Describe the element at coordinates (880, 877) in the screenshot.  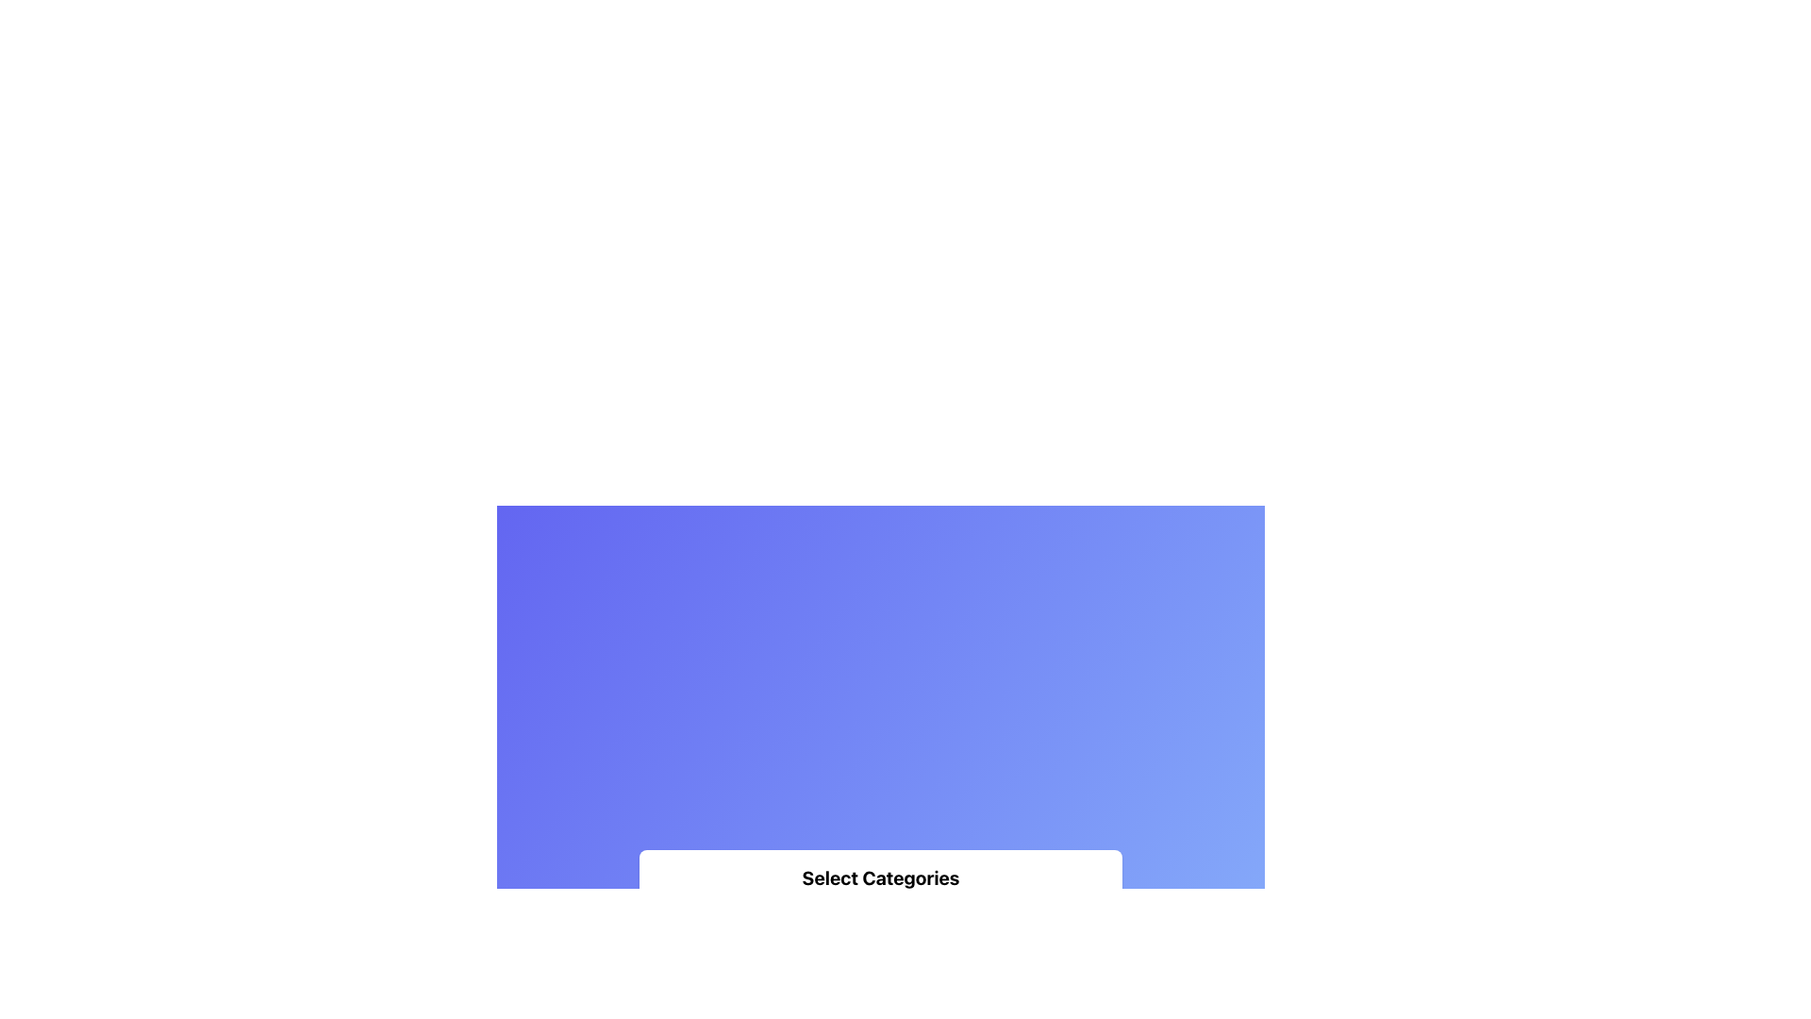
I see `the static text header that indicates the purpose of the section, located centrally near the bottom of the interface` at that location.